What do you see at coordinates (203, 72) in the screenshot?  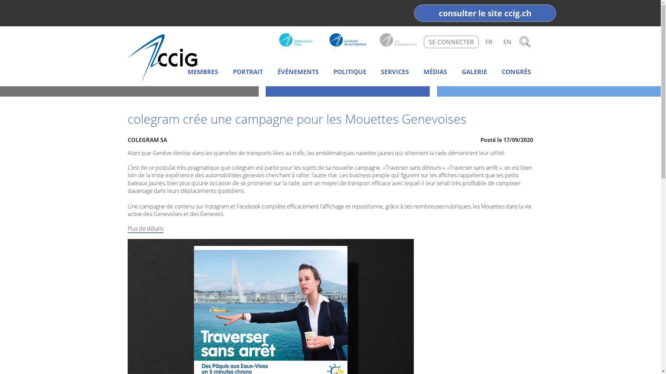 I see `'MEMBRES'` at bounding box center [203, 72].